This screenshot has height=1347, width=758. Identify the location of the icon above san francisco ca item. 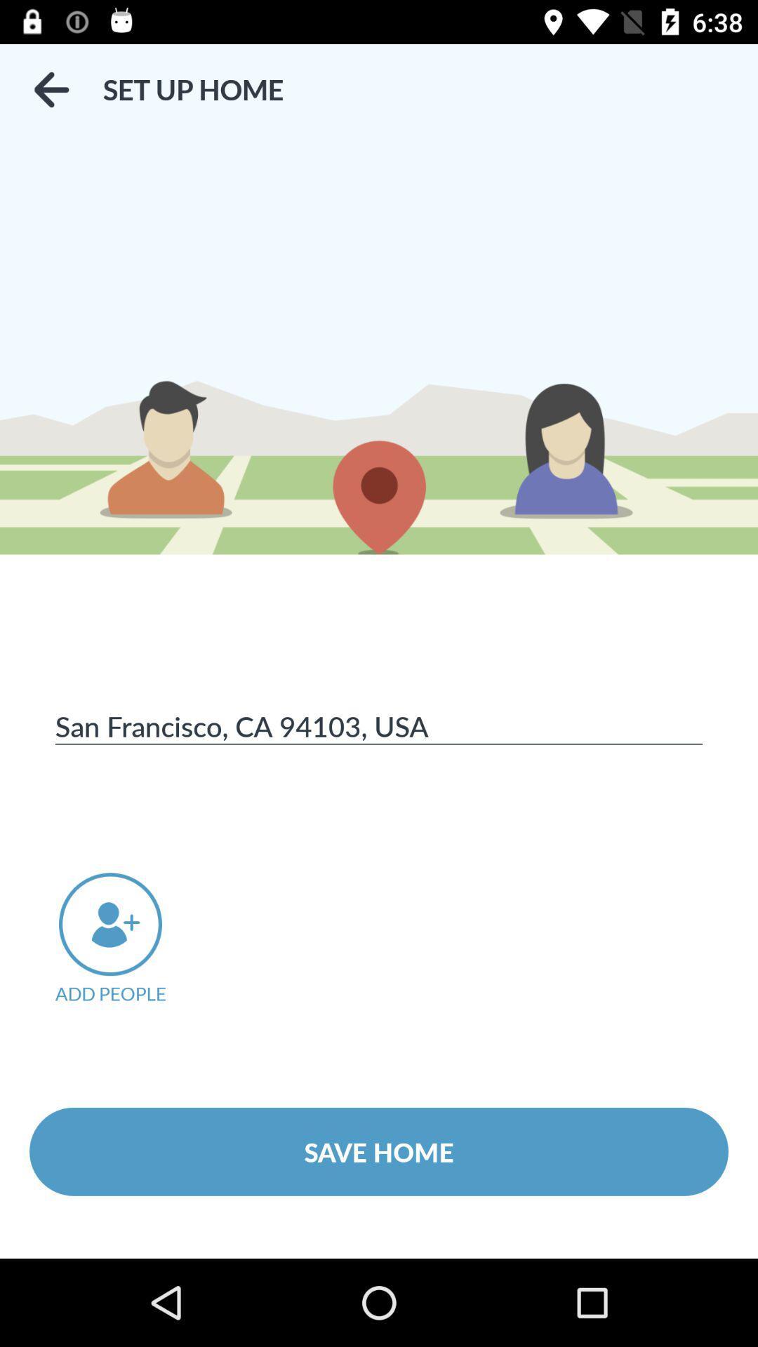
(51, 89).